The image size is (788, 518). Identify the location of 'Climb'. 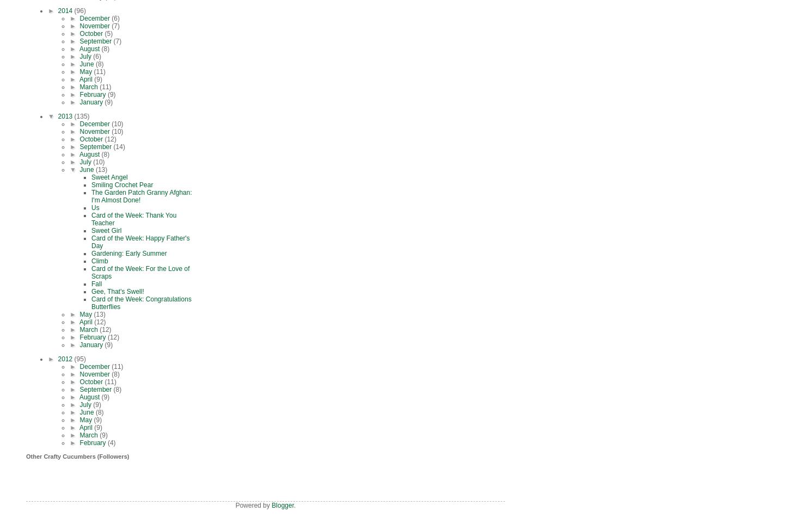
(90, 261).